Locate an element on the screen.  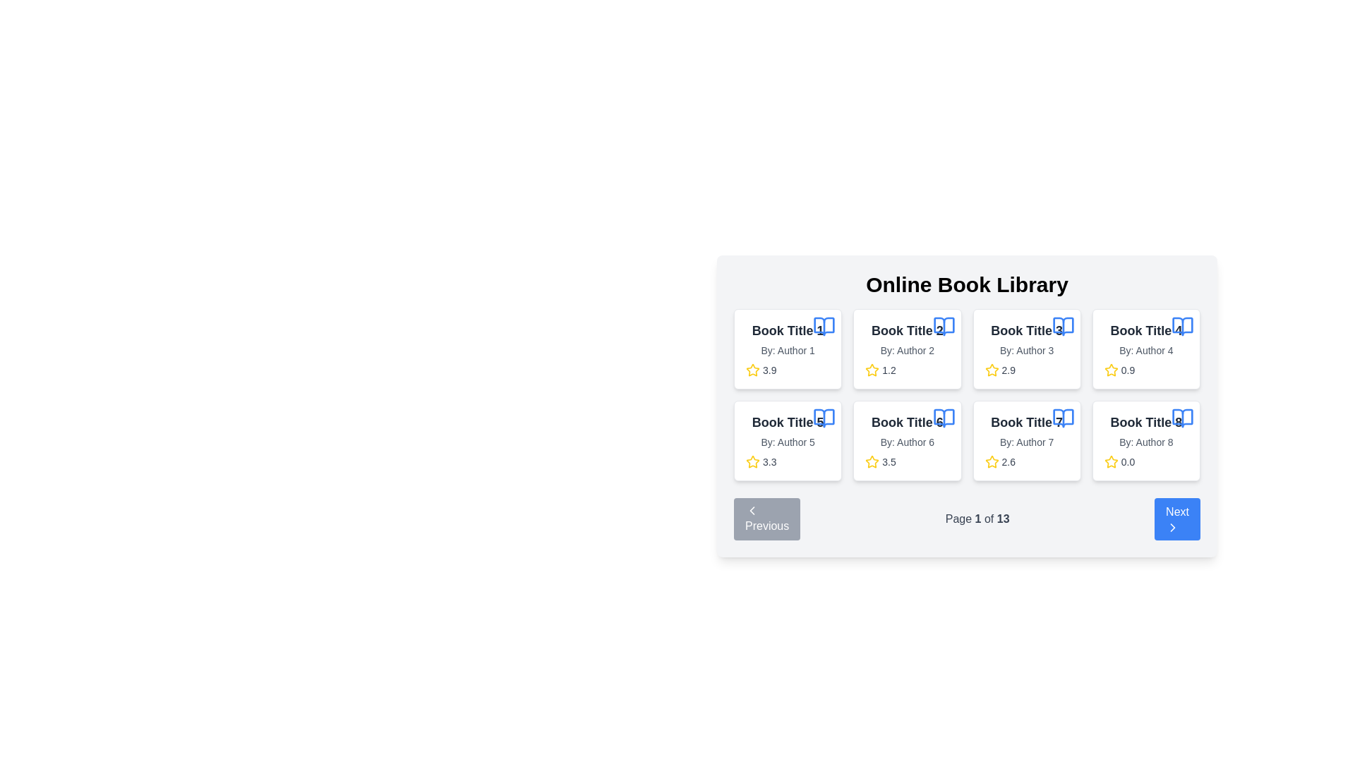
the star icon with a yellow outline indicating a rating feature located in the 'Book Title 5' section, positioned below the book title and author information is located at coordinates (752, 462).